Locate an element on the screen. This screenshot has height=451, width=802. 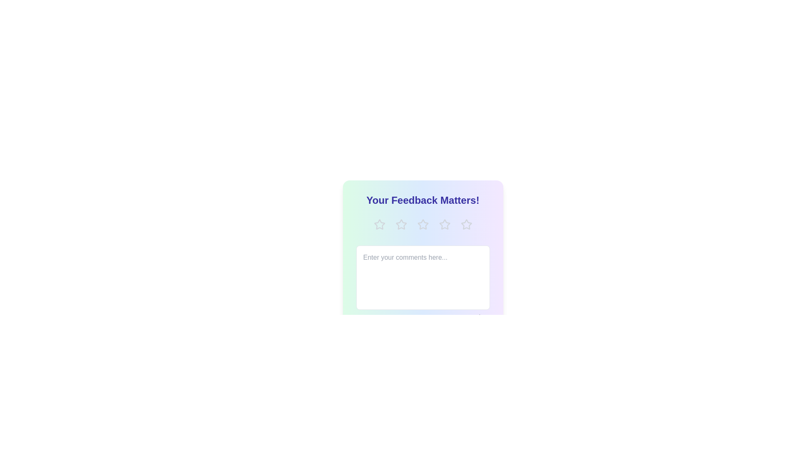
the rating to 4 stars by clicking on the corresponding star is located at coordinates (444, 224).